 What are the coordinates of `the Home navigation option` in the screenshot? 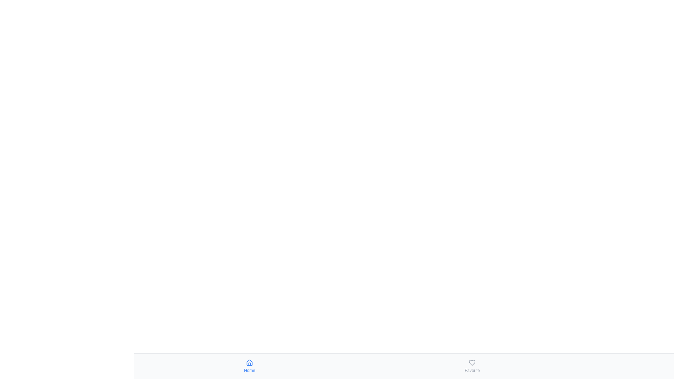 It's located at (249, 366).